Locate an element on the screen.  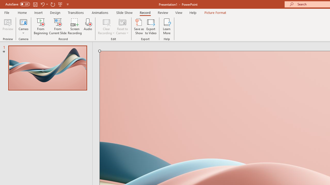
'Redo' is located at coordinates (53, 4).